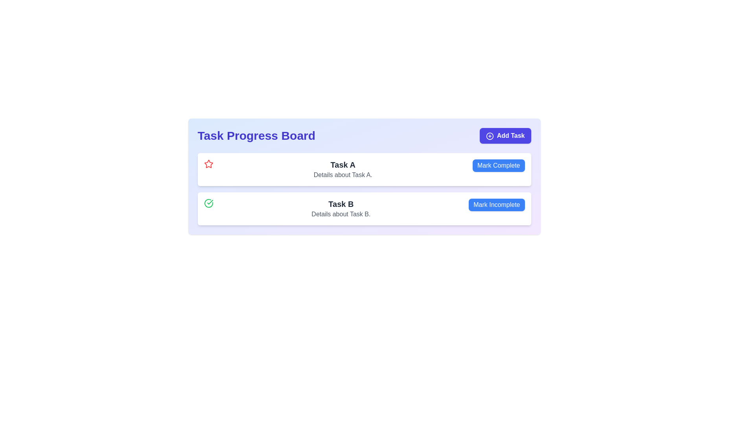 Image resolution: width=755 pixels, height=424 pixels. Describe the element at coordinates (489, 135) in the screenshot. I see `the decorative circular element located inside the 'Add Task' button at the top-right corner of the task progress board interface` at that location.